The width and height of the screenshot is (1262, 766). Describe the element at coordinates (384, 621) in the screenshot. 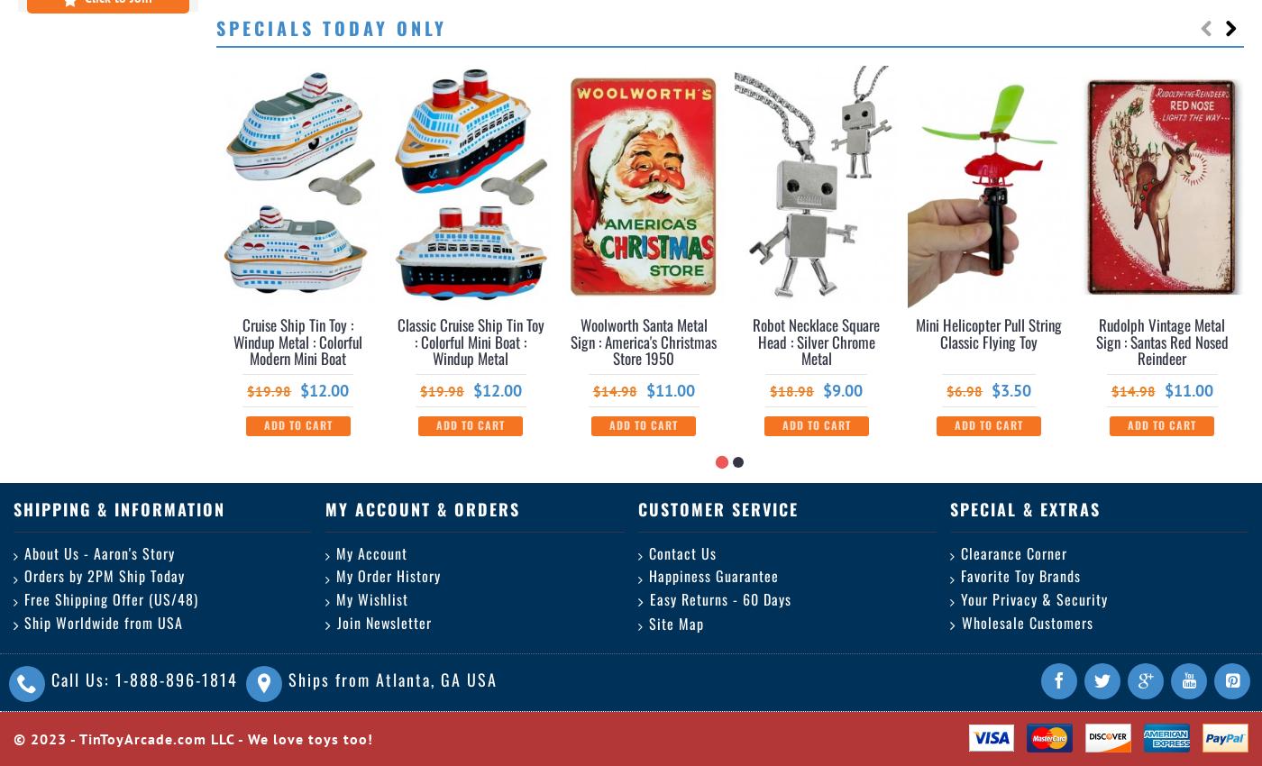

I see `'Join Newsletter'` at that location.